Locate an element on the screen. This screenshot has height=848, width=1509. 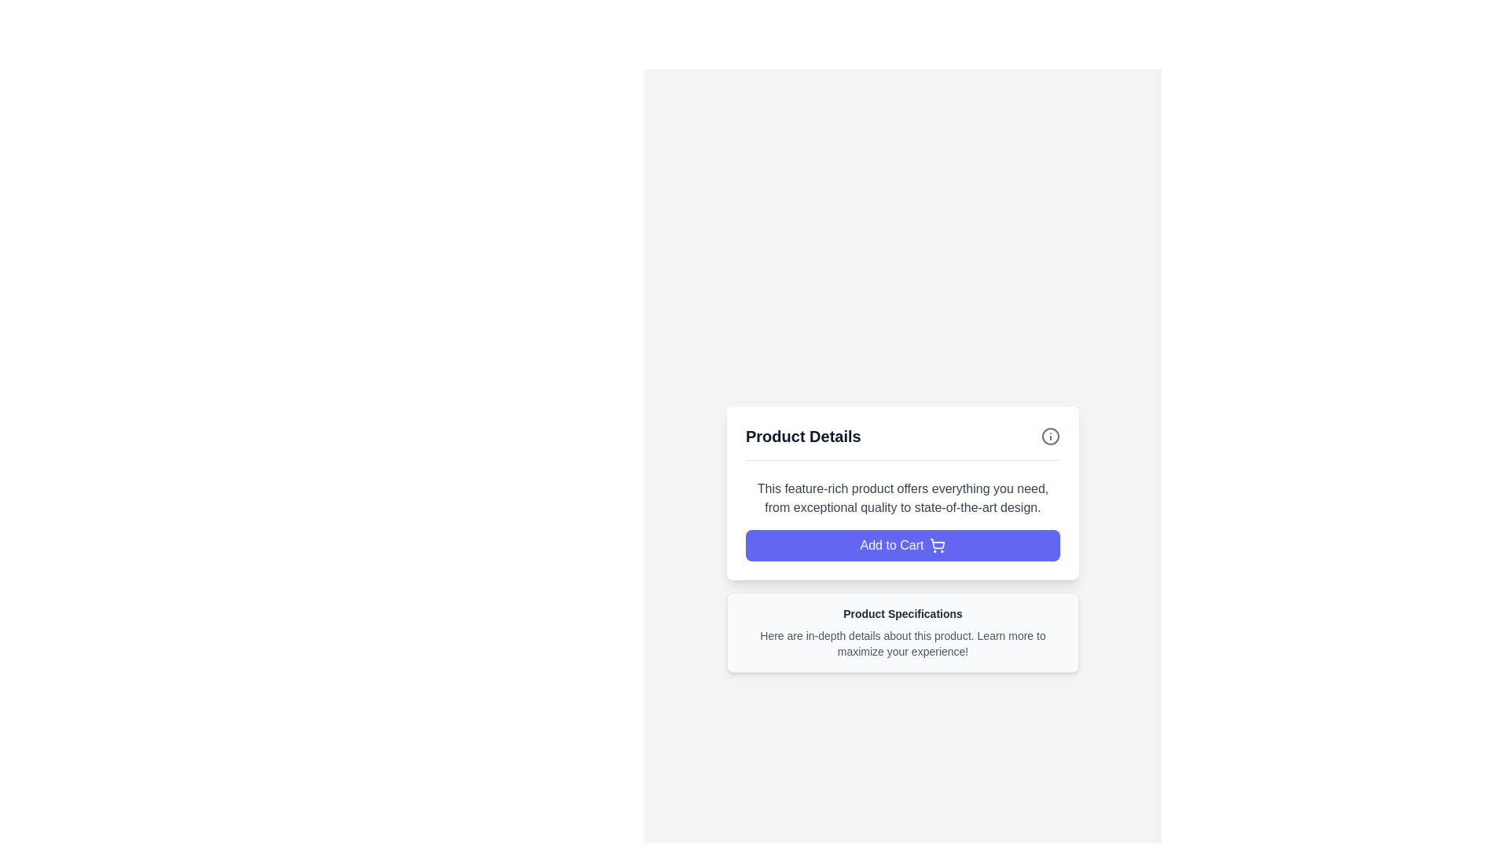
the 'Add to Cart' button with a vibrant indigo background and rounded corners located in the 'Product Details' section is located at coordinates (902, 544).